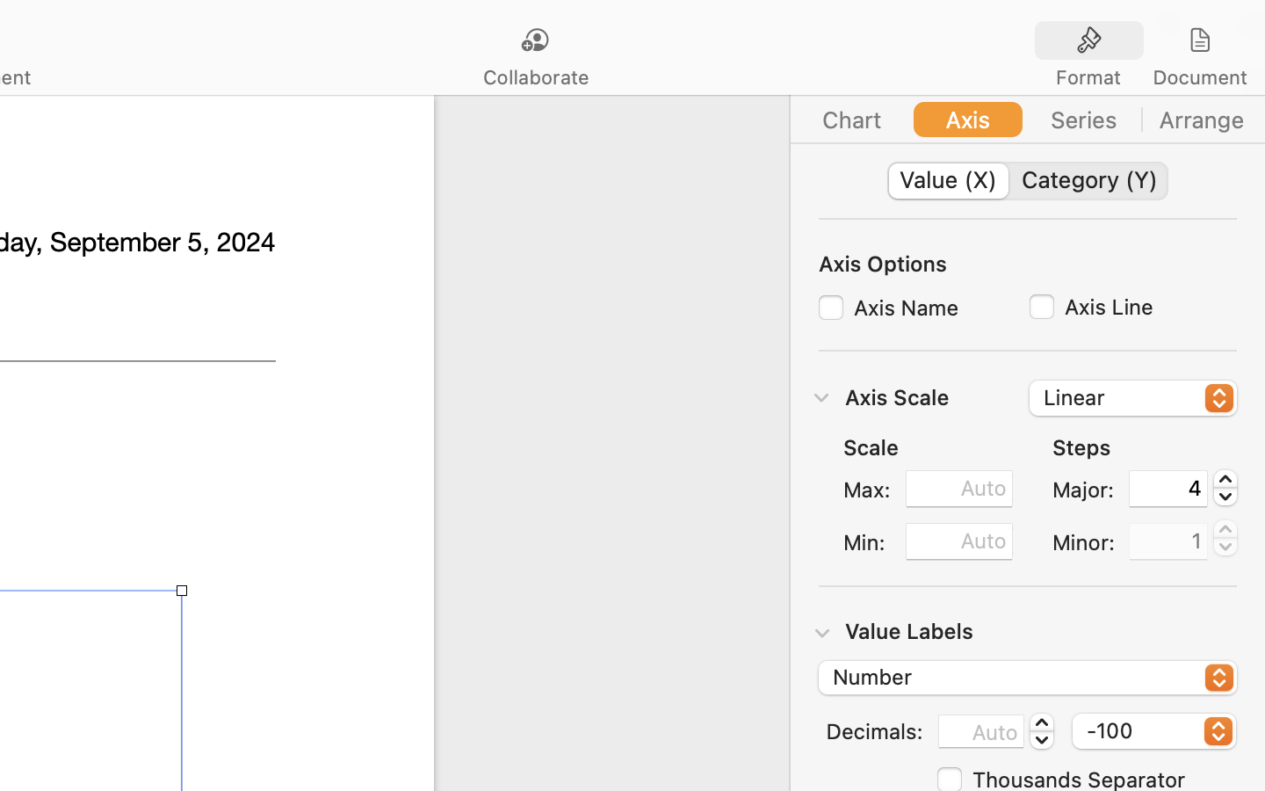 The height and width of the screenshot is (791, 1265). Describe the element at coordinates (895, 395) in the screenshot. I see `'Axis Scale'` at that location.